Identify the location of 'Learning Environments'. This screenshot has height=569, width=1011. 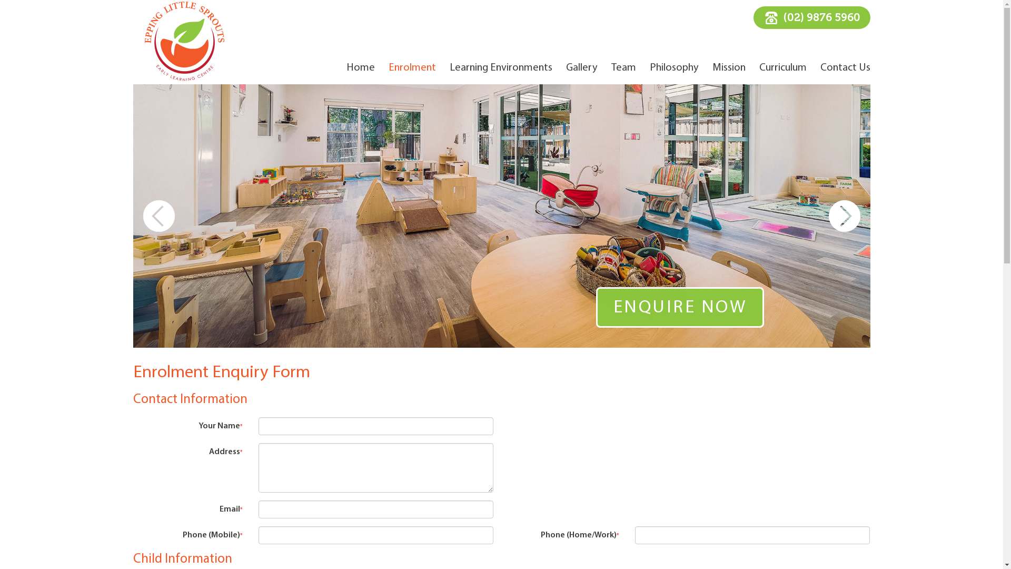
(450, 68).